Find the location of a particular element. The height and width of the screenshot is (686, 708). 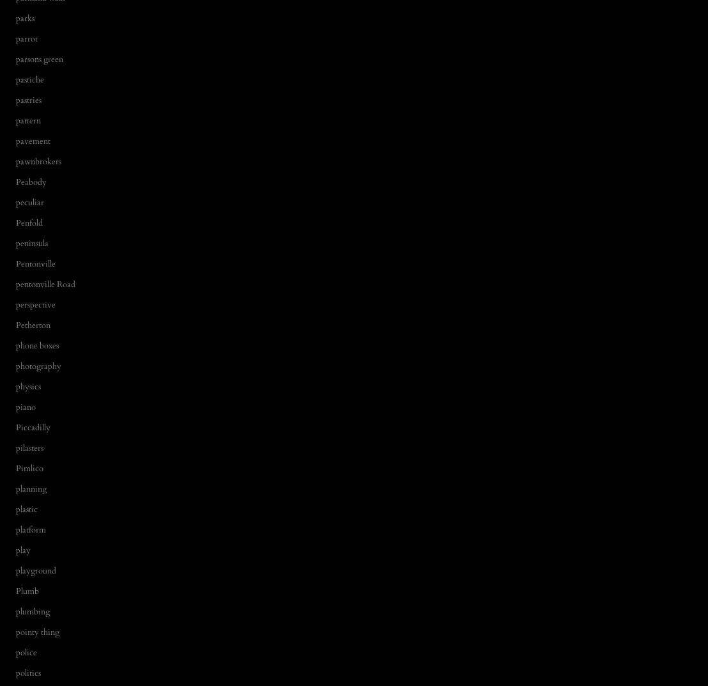

'pointy thing' is located at coordinates (36, 631).